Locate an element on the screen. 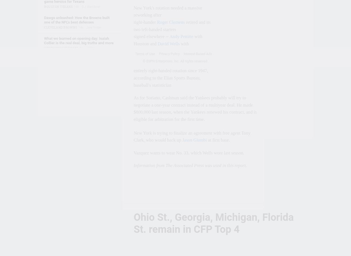 The image size is (351, 256). 'Ohio St., Georgia, Michigan, Florida St. remain in CFP Top 4' is located at coordinates (133, 223).